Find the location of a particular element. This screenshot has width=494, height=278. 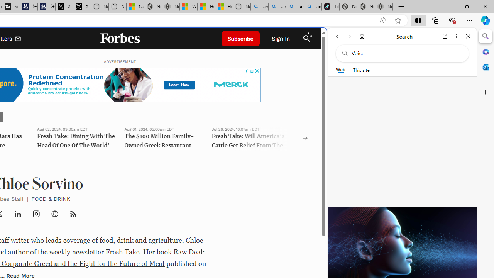

'Class: sparkles_svg__fs-icon sparkles_svg__fs-icon--sparkles' is located at coordinates (310, 35).